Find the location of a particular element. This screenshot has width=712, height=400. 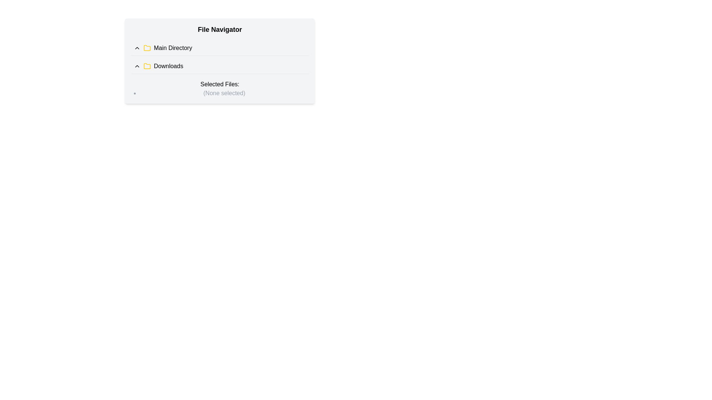

the top collapsible directory item is located at coordinates (220, 48).